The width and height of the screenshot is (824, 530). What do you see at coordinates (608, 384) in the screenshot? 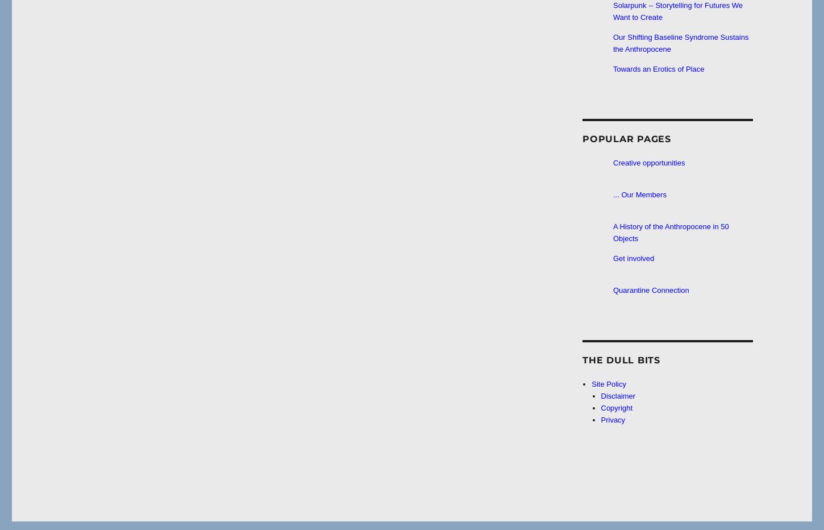
I see `'Site Policy'` at bounding box center [608, 384].